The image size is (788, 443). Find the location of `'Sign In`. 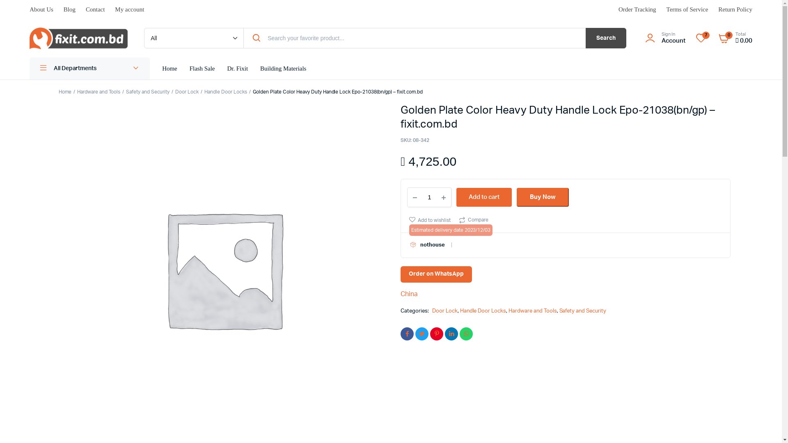

'Sign In is located at coordinates (642, 38).